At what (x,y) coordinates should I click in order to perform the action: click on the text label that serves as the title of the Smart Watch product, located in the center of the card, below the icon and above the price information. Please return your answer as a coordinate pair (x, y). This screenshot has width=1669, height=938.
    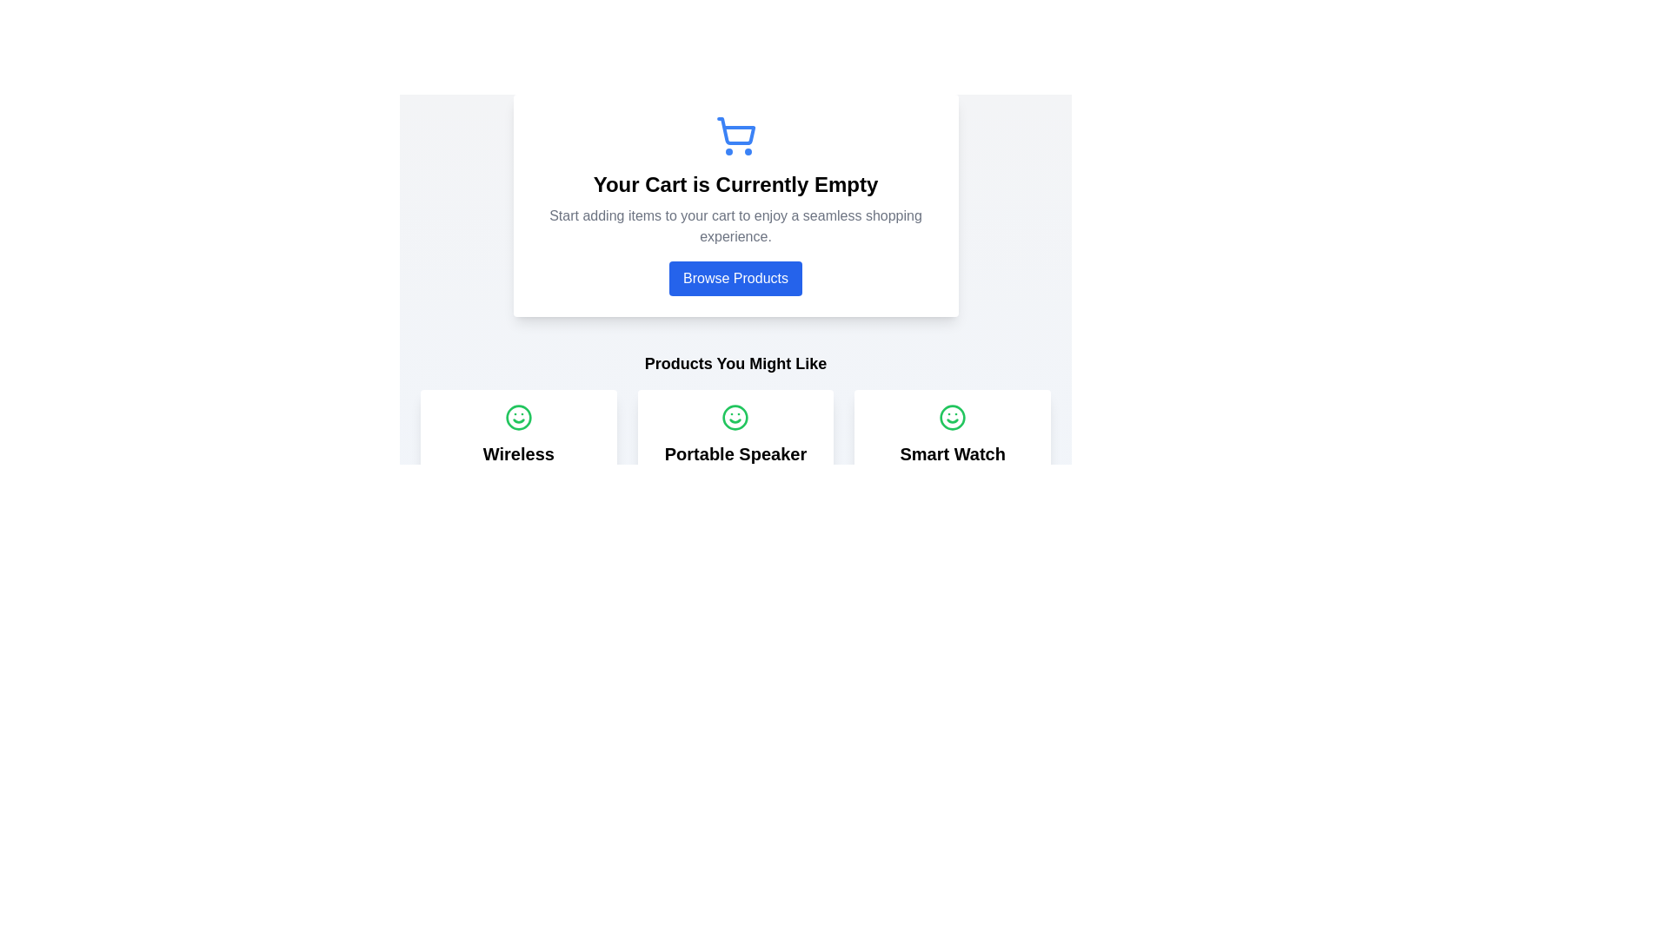
    Looking at the image, I should click on (952, 453).